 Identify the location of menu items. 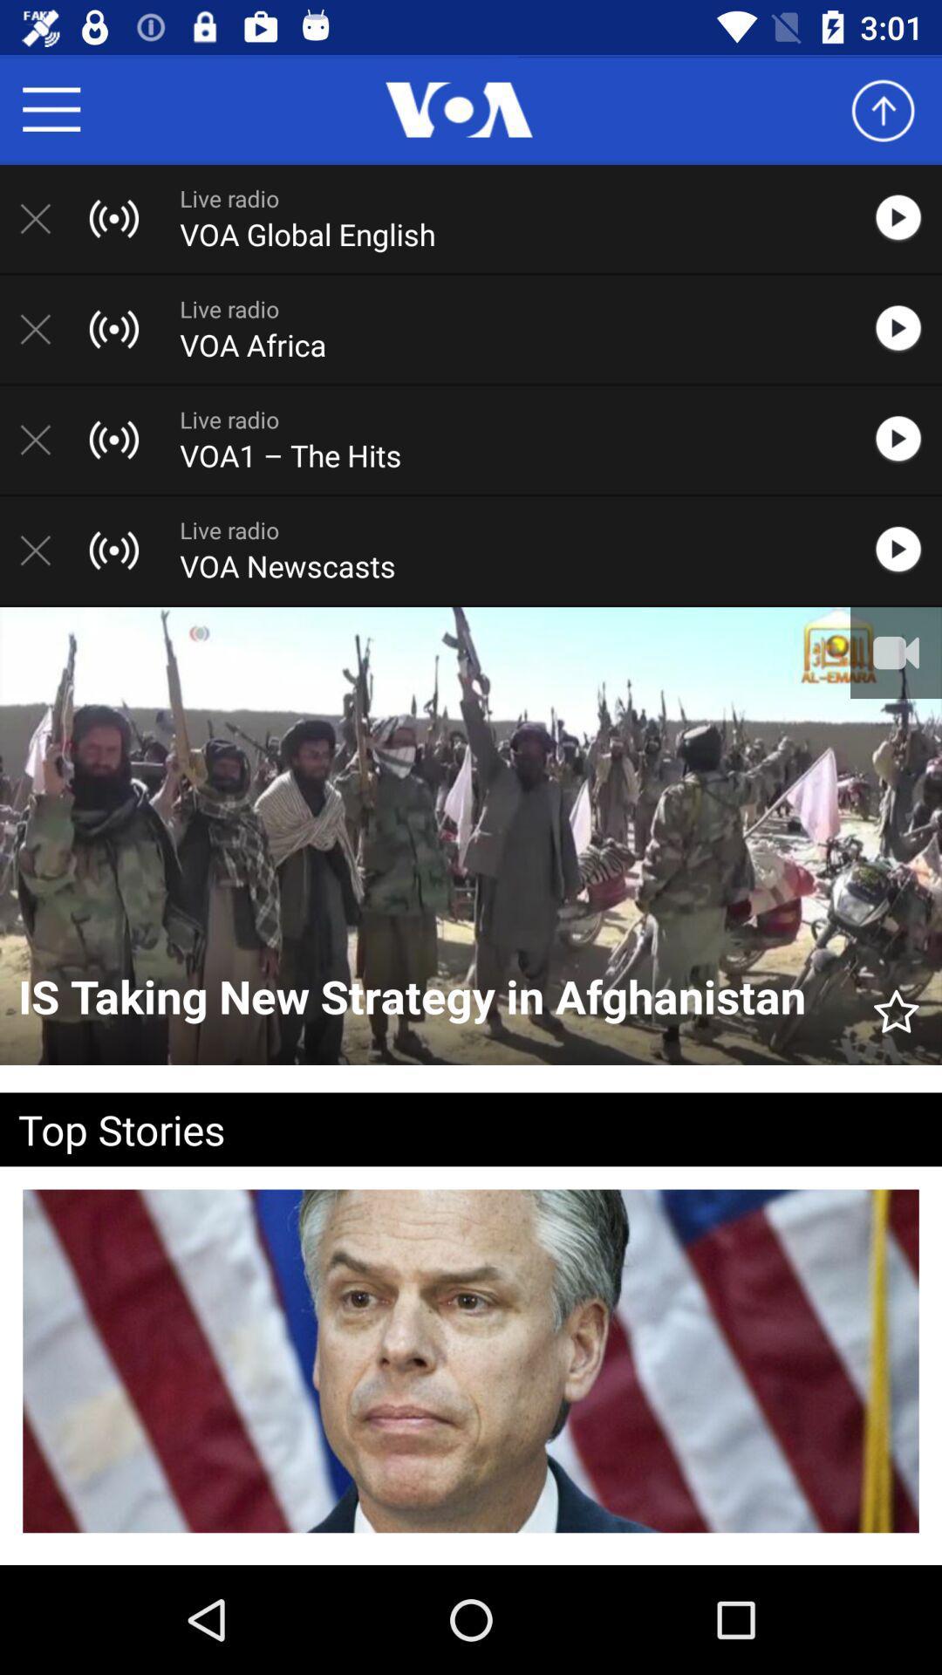
(51, 108).